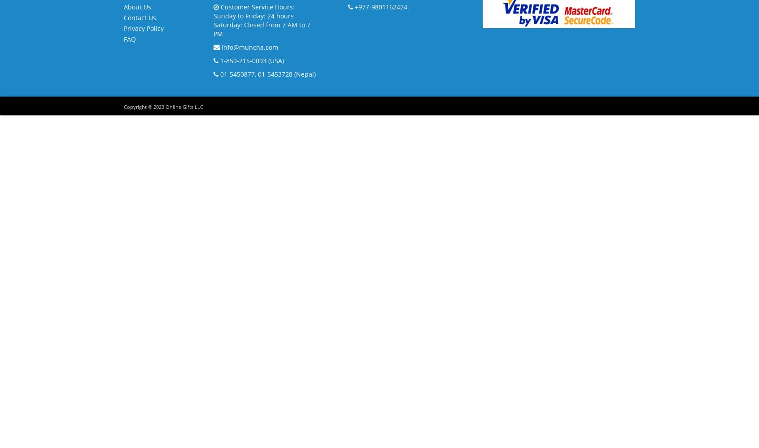 This screenshot has width=759, height=448. What do you see at coordinates (137, 6) in the screenshot?
I see `'About Us'` at bounding box center [137, 6].